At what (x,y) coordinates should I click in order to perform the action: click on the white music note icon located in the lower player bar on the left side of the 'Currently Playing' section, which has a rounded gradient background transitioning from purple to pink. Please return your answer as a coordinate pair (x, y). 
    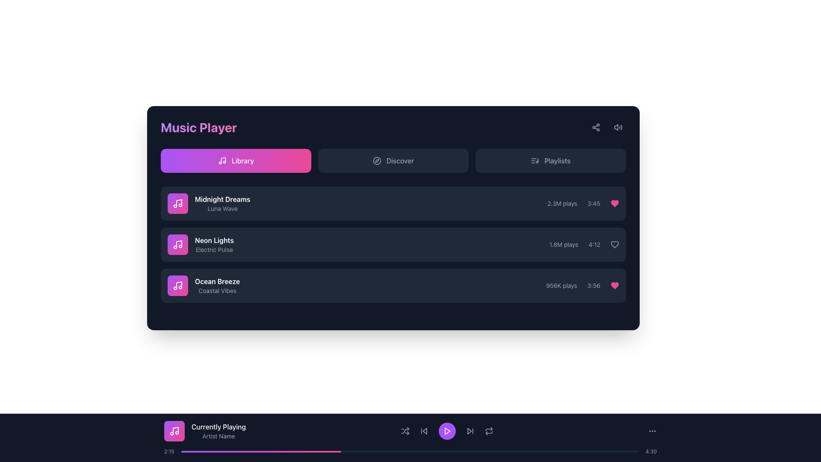
    Looking at the image, I should click on (174, 431).